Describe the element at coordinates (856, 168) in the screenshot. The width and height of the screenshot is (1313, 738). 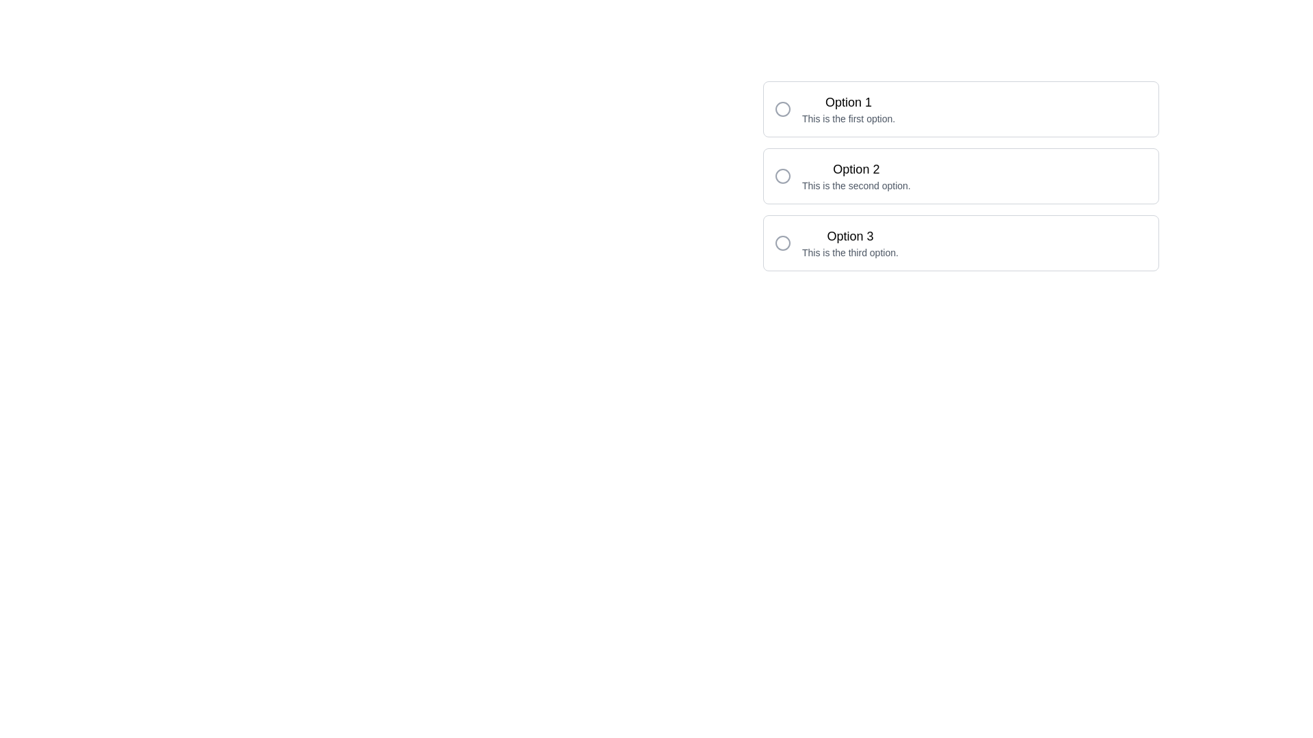
I see `the text label 'Option 2' which is bold and larger than surrounding text, located in a vertical list with a circular radio button to its left` at that location.